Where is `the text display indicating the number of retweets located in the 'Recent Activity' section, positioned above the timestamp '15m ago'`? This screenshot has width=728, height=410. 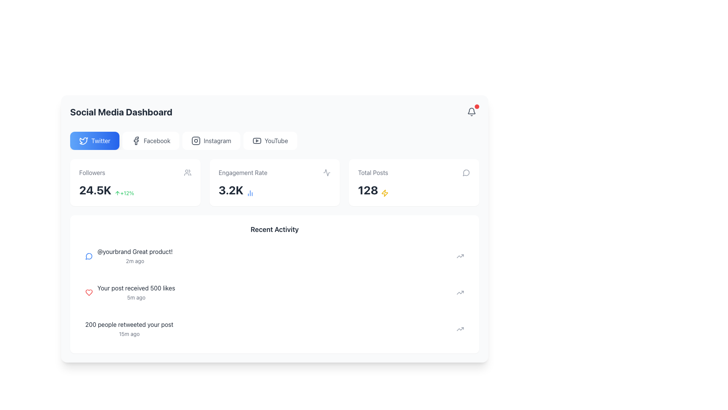 the text display indicating the number of retweets located in the 'Recent Activity' section, positioned above the timestamp '15m ago' is located at coordinates (129, 325).